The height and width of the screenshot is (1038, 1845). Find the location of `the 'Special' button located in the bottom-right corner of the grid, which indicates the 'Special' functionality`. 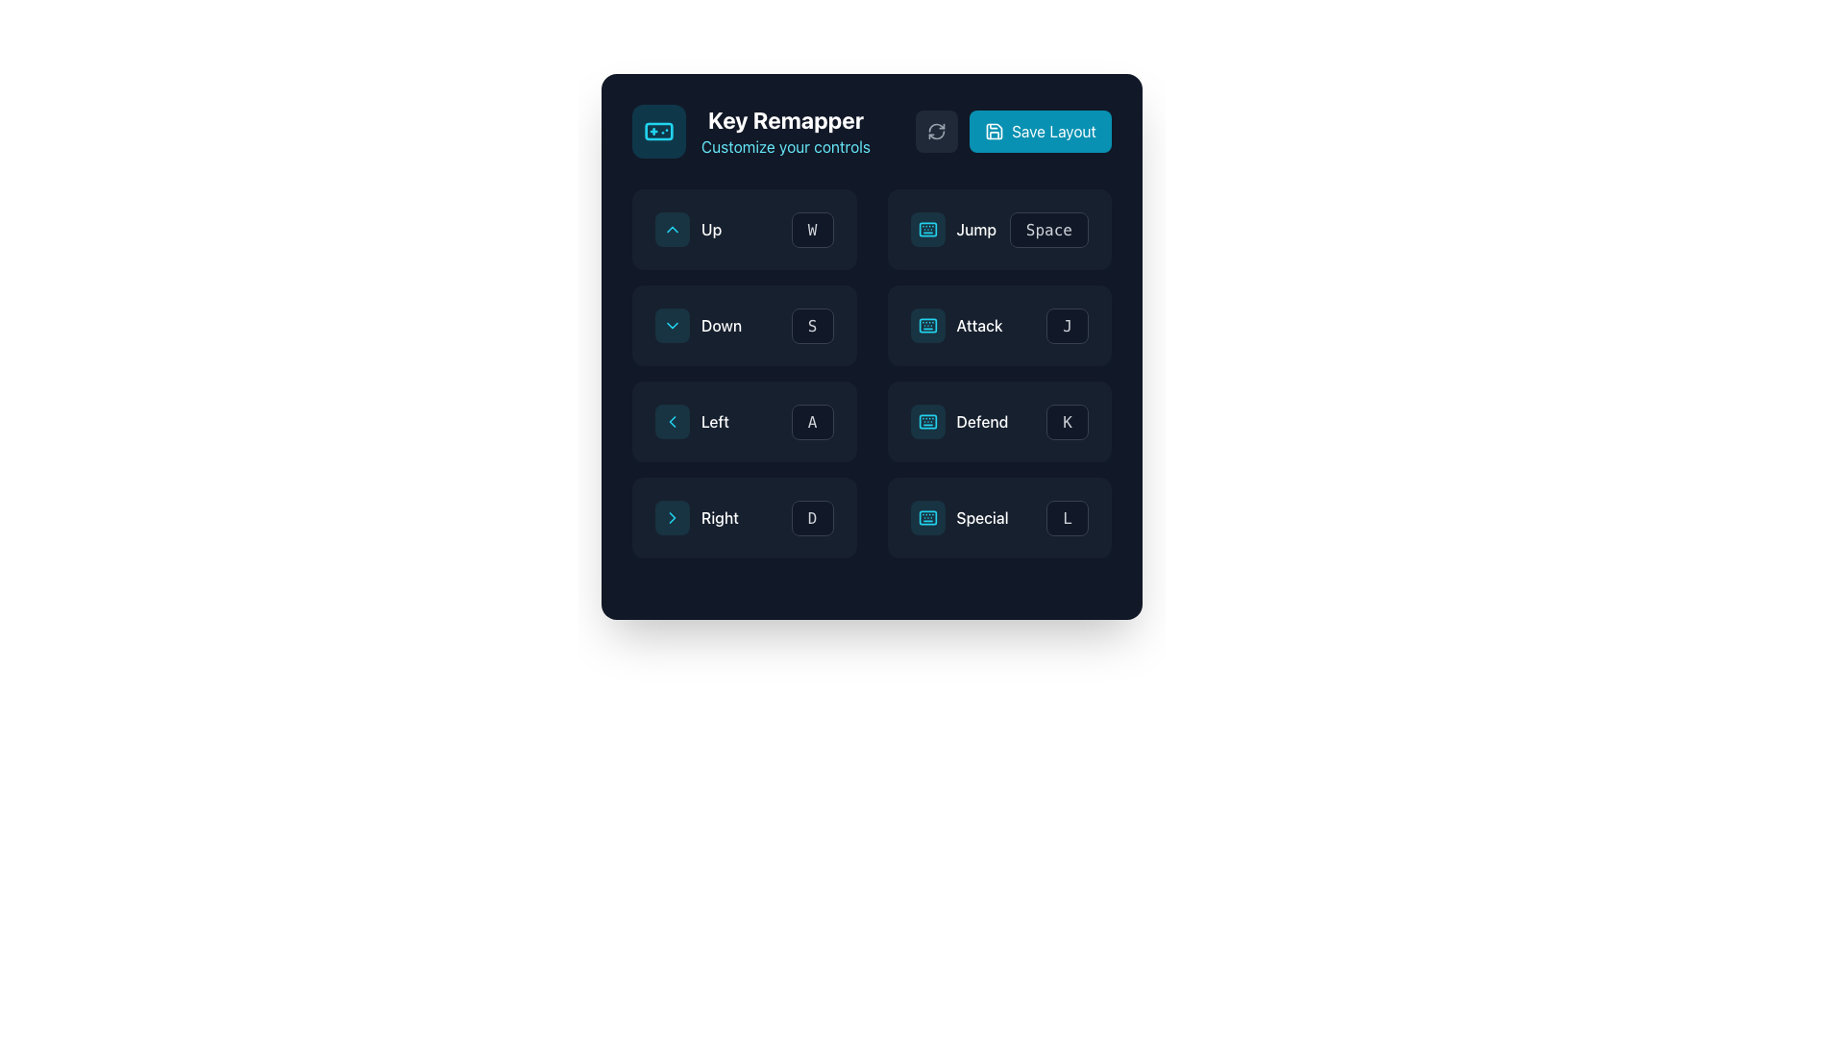

the 'Special' button located in the bottom-right corner of the grid, which indicates the 'Special' functionality is located at coordinates (927, 517).